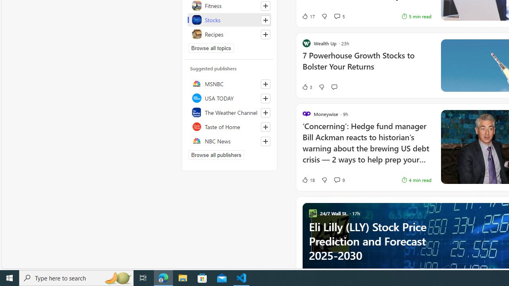 Image resolution: width=509 pixels, height=286 pixels. Describe the element at coordinates (266, 34) in the screenshot. I see `'Follow this topic'` at that location.